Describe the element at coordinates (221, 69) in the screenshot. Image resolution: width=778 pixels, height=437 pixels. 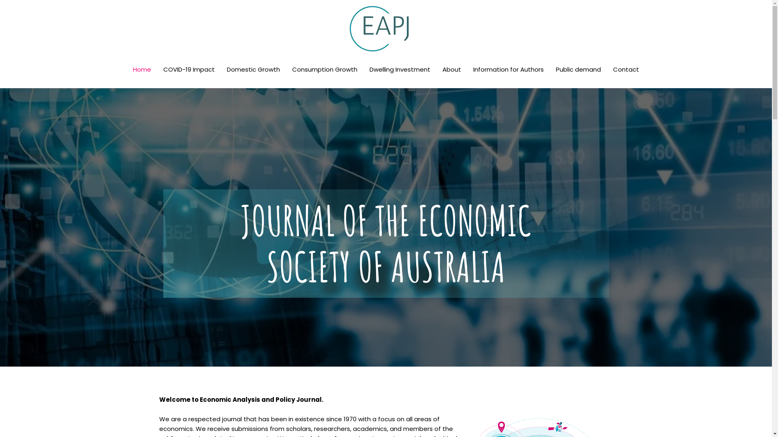
I see `'Domestic Growth'` at that location.